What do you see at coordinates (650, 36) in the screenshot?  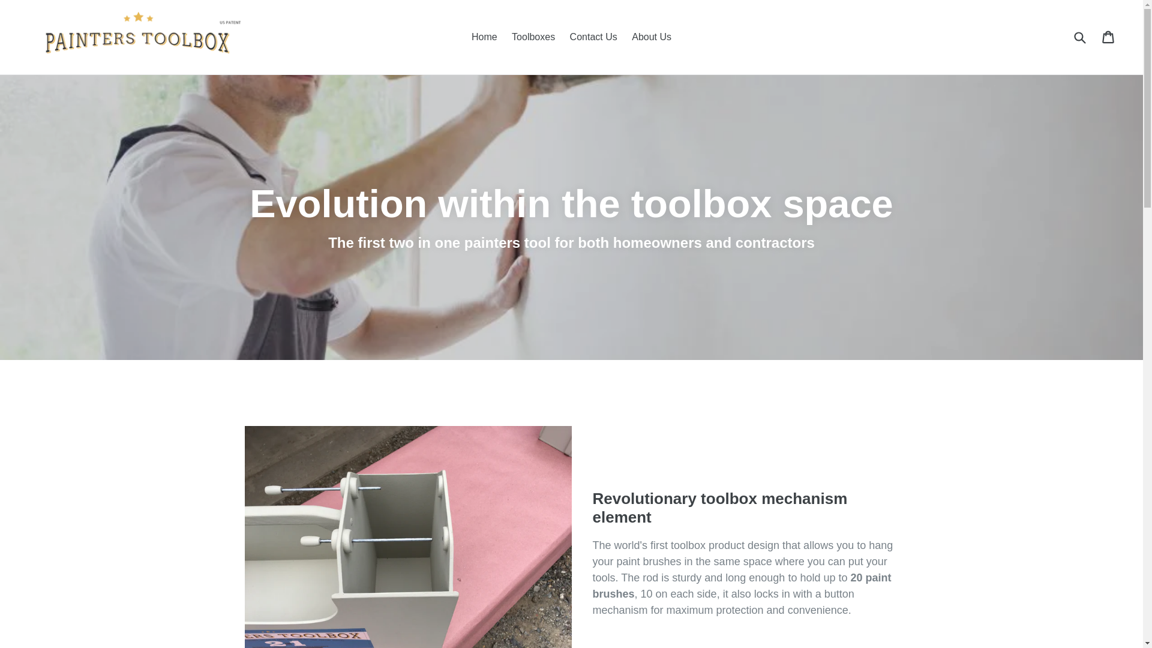 I see `'About Us'` at bounding box center [650, 36].